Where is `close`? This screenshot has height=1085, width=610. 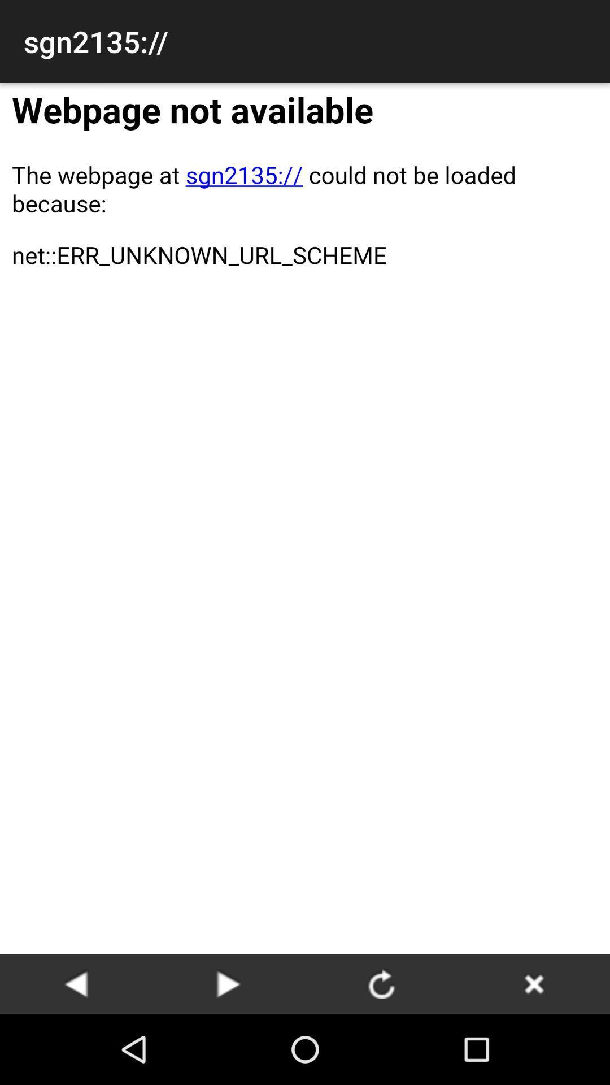
close is located at coordinates (534, 983).